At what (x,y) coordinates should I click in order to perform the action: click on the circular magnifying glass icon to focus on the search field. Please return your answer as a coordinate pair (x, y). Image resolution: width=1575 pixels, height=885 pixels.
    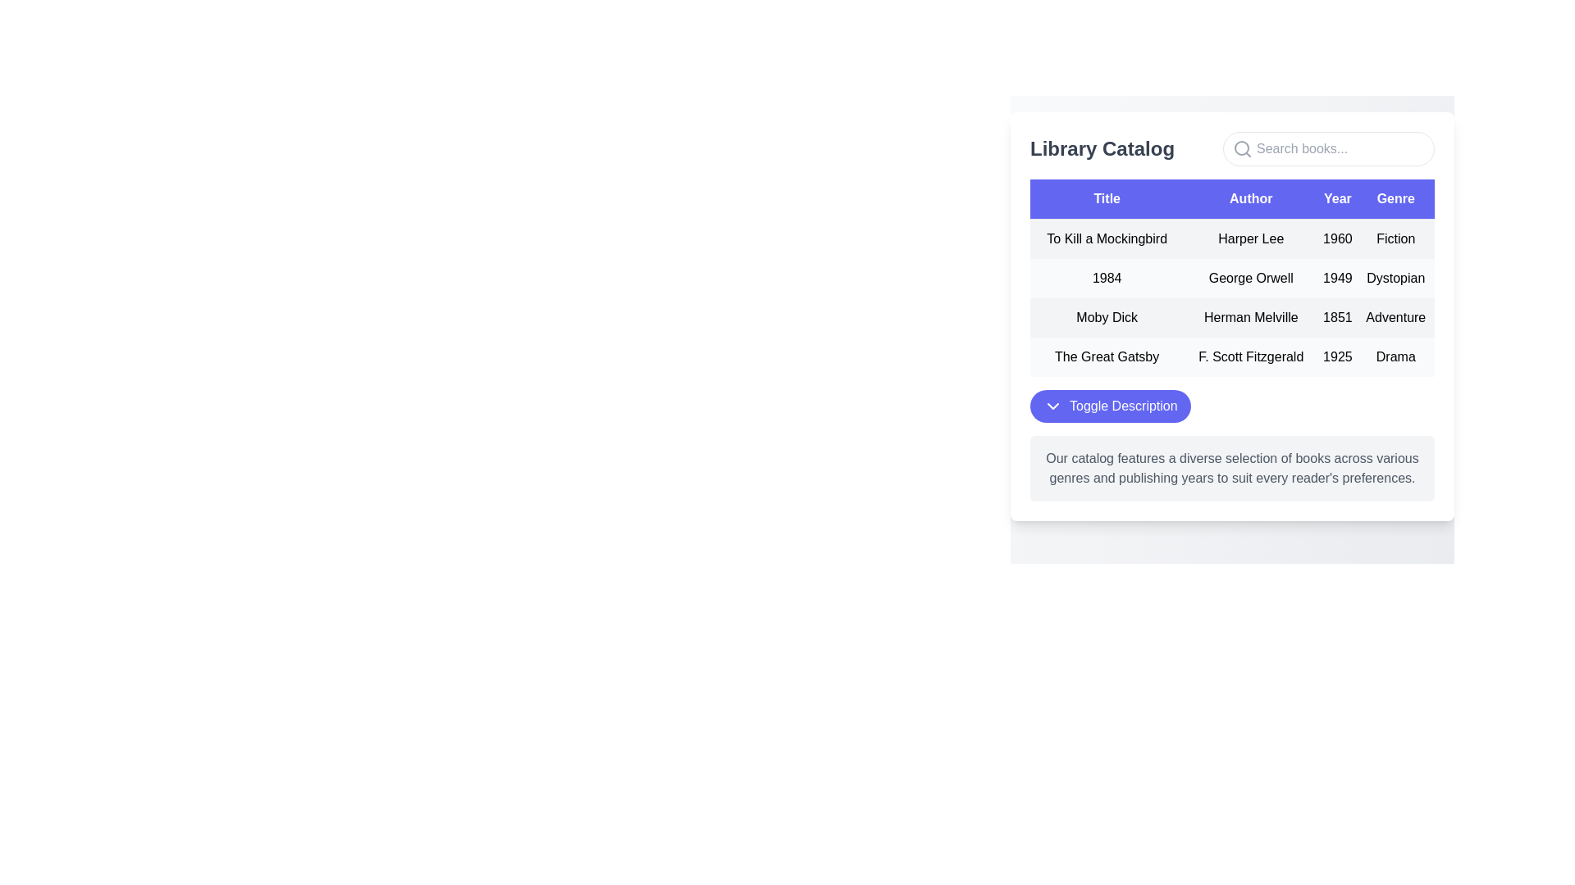
    Looking at the image, I should click on (1243, 148).